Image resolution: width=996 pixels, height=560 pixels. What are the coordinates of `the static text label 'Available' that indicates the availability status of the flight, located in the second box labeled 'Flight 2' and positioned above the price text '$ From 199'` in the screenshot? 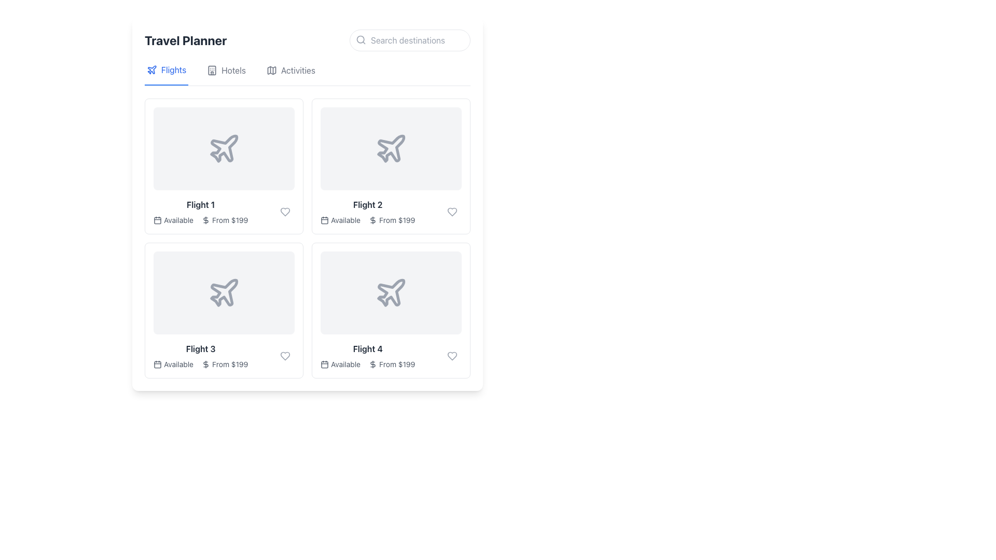 It's located at (345, 219).